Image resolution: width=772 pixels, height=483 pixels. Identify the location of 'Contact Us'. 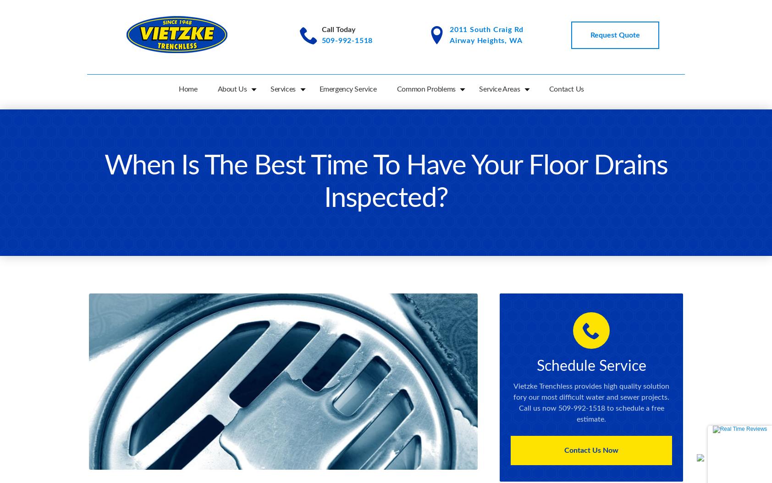
(566, 88).